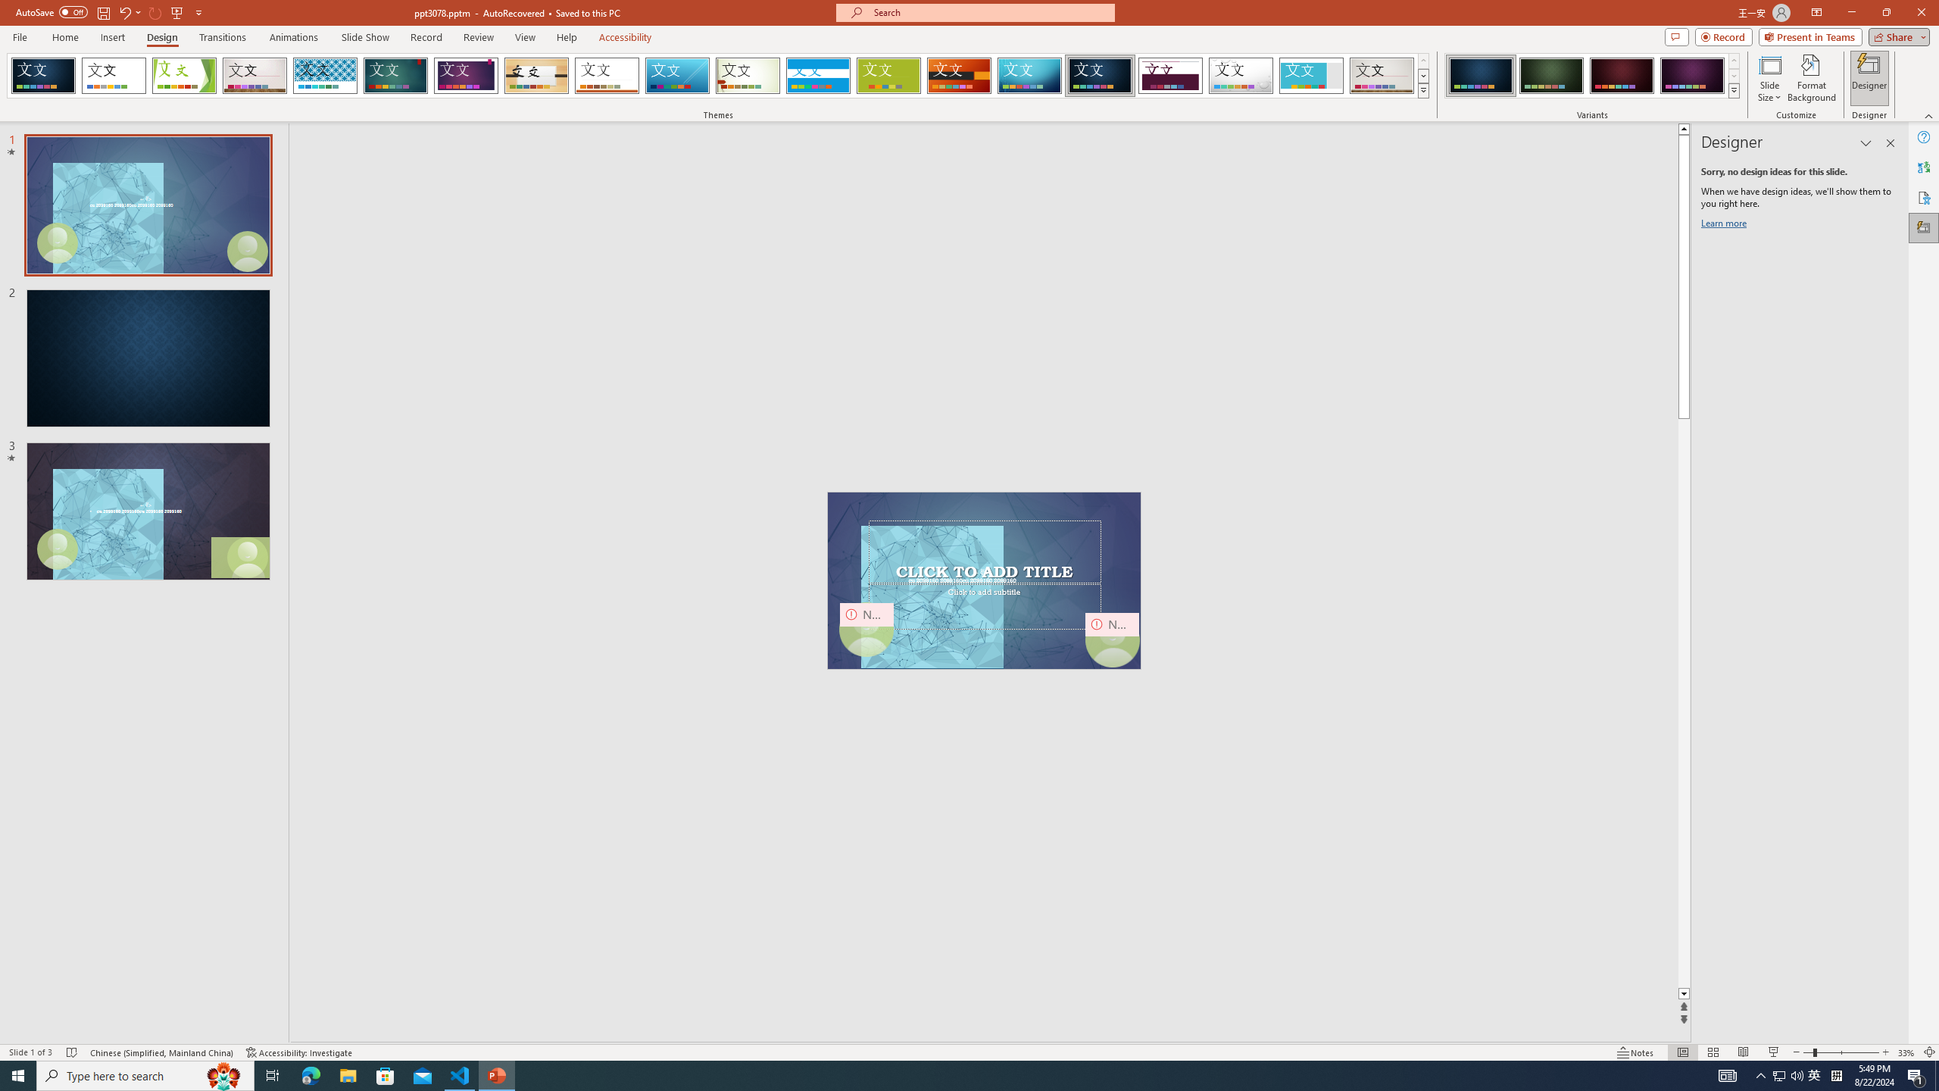 Image resolution: width=1939 pixels, height=1091 pixels. Describe the element at coordinates (1099, 75) in the screenshot. I see `'Damask'` at that location.